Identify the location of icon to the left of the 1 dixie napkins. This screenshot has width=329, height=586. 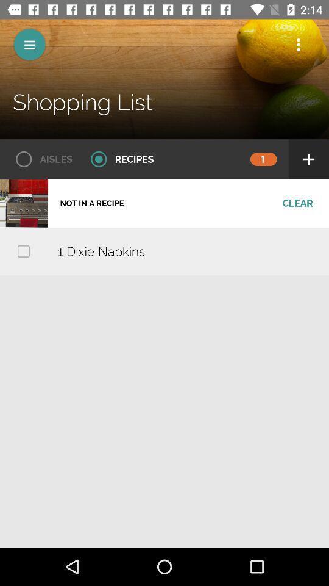
(23, 250).